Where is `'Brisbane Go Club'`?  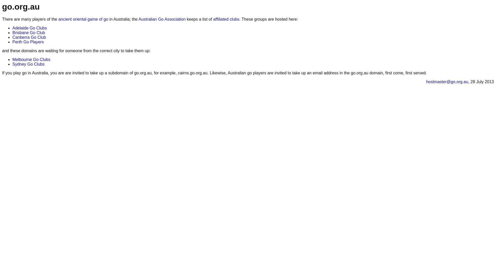
'Brisbane Go Club' is located at coordinates (28, 33).